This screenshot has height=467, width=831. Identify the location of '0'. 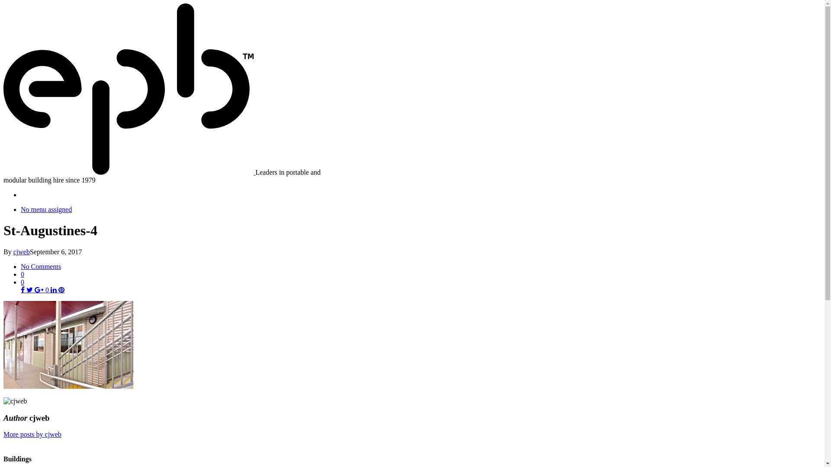
(23, 282).